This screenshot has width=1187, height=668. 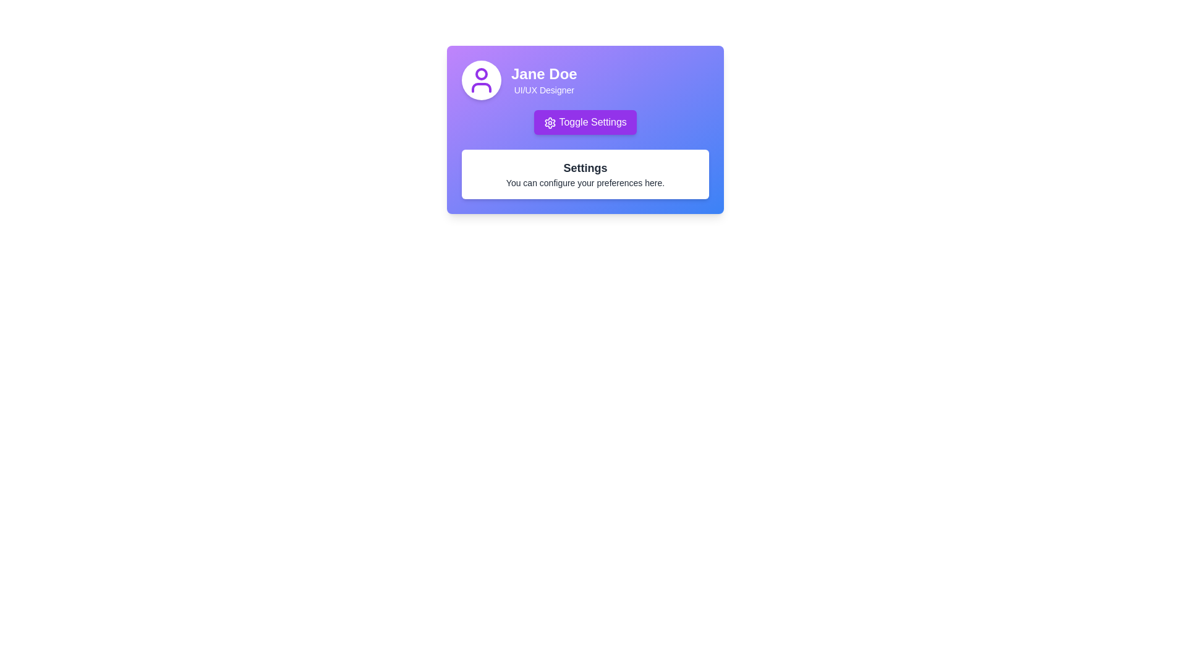 What do you see at coordinates (584, 122) in the screenshot?
I see `the toggle button located in the middle of the card labeled 'Jane Doe - UI/UX Designer'` at bounding box center [584, 122].